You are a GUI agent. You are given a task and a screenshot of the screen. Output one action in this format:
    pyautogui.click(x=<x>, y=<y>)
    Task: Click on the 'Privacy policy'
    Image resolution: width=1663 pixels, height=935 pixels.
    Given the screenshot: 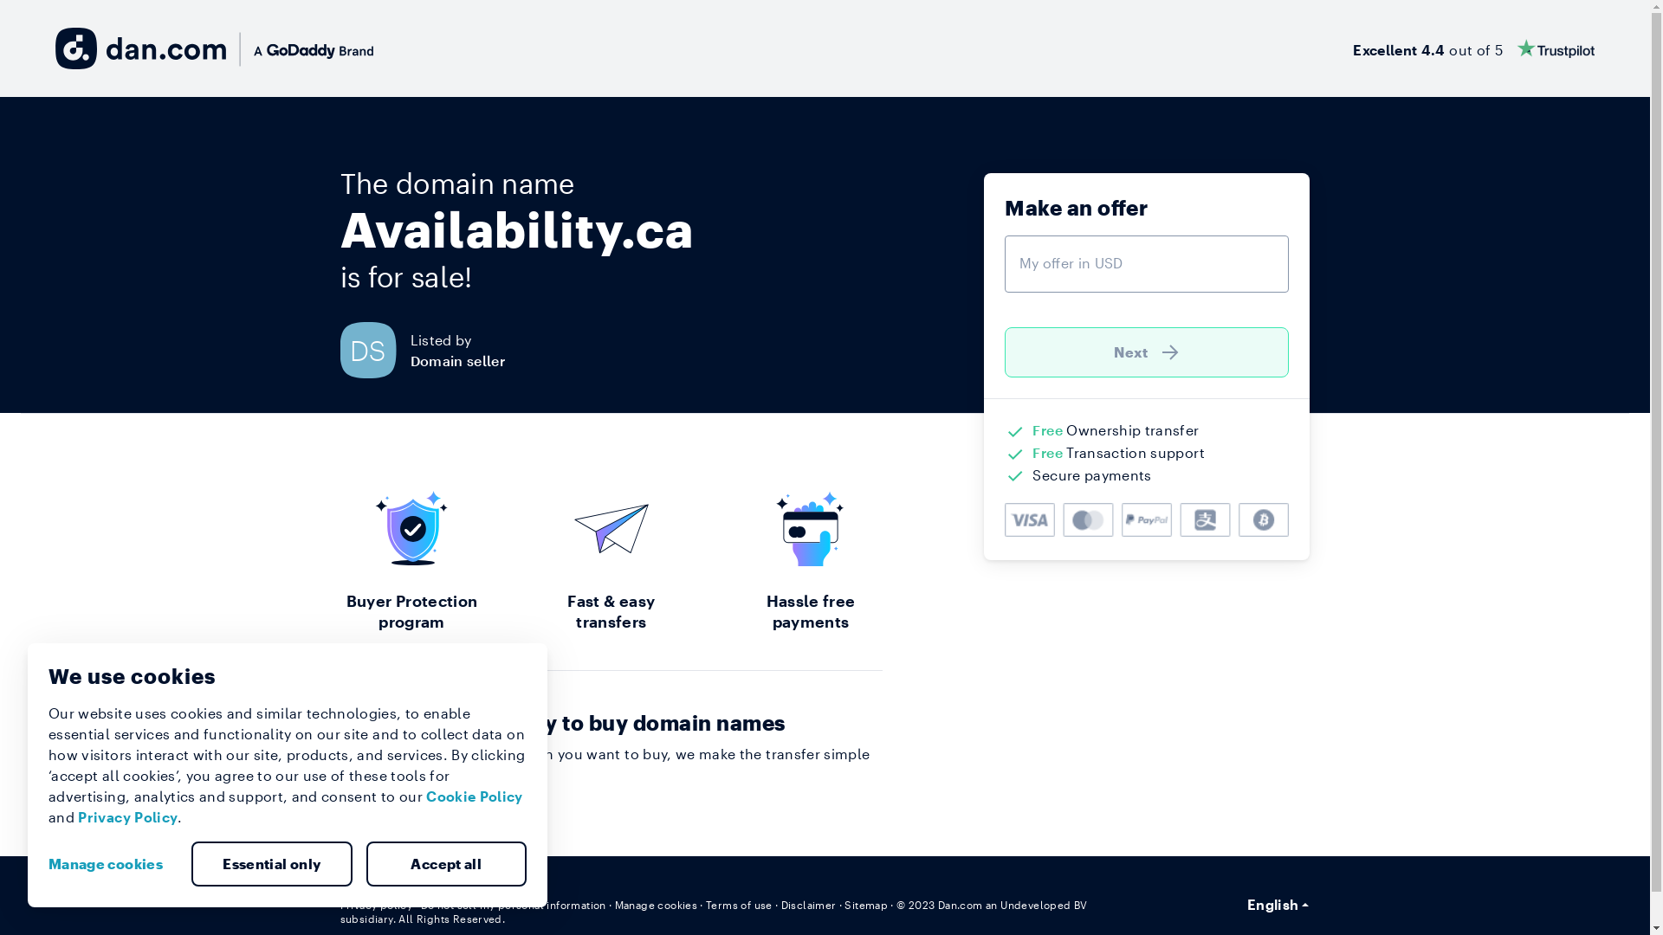 What is the action you would take?
    pyautogui.click(x=374, y=904)
    